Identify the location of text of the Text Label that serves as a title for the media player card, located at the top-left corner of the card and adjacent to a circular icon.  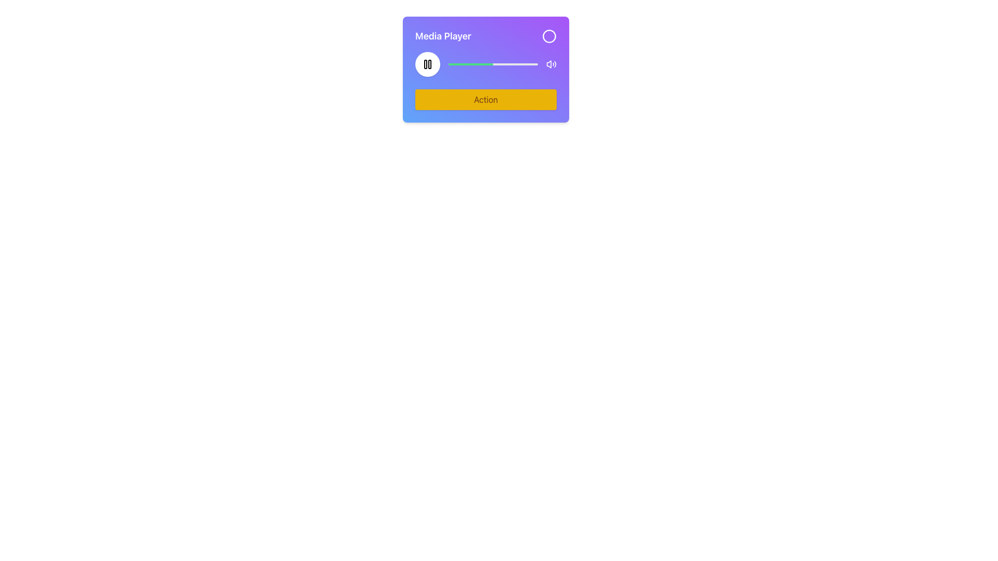
(443, 35).